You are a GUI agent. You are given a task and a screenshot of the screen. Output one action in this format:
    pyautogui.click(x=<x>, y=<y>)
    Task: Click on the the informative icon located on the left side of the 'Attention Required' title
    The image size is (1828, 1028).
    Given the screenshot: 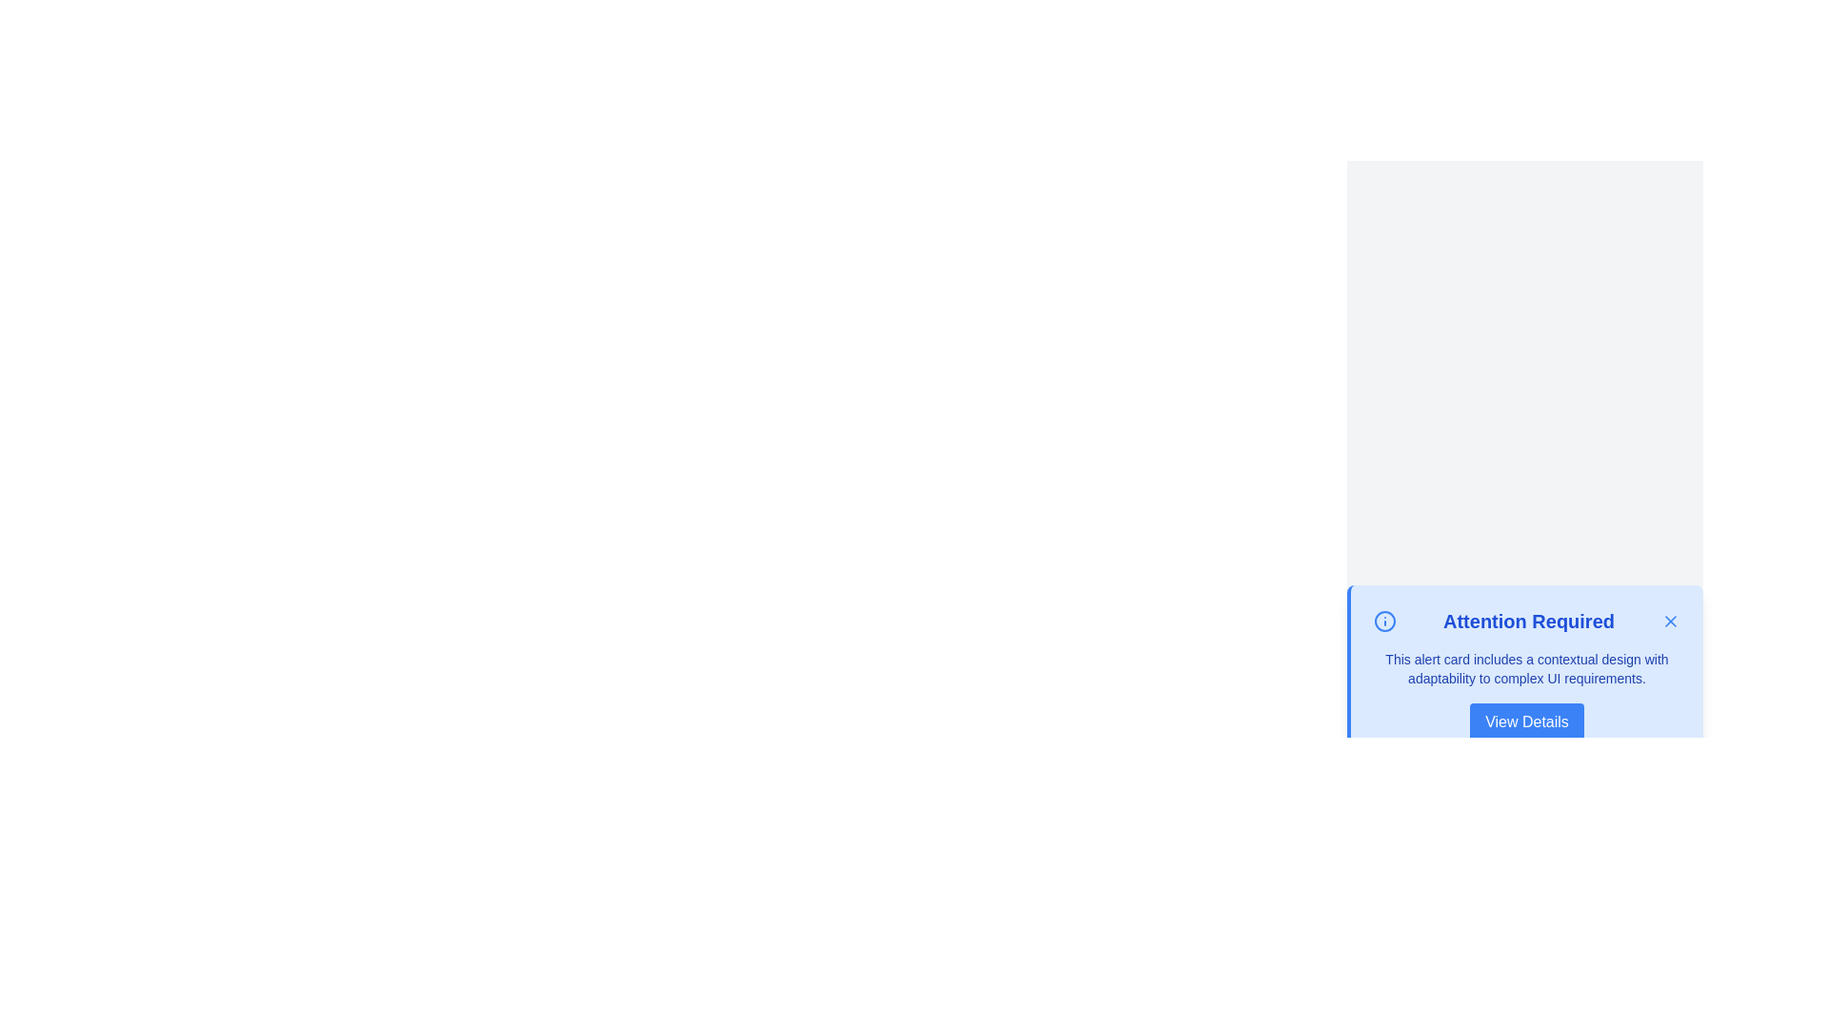 What is the action you would take?
    pyautogui.click(x=1384, y=621)
    